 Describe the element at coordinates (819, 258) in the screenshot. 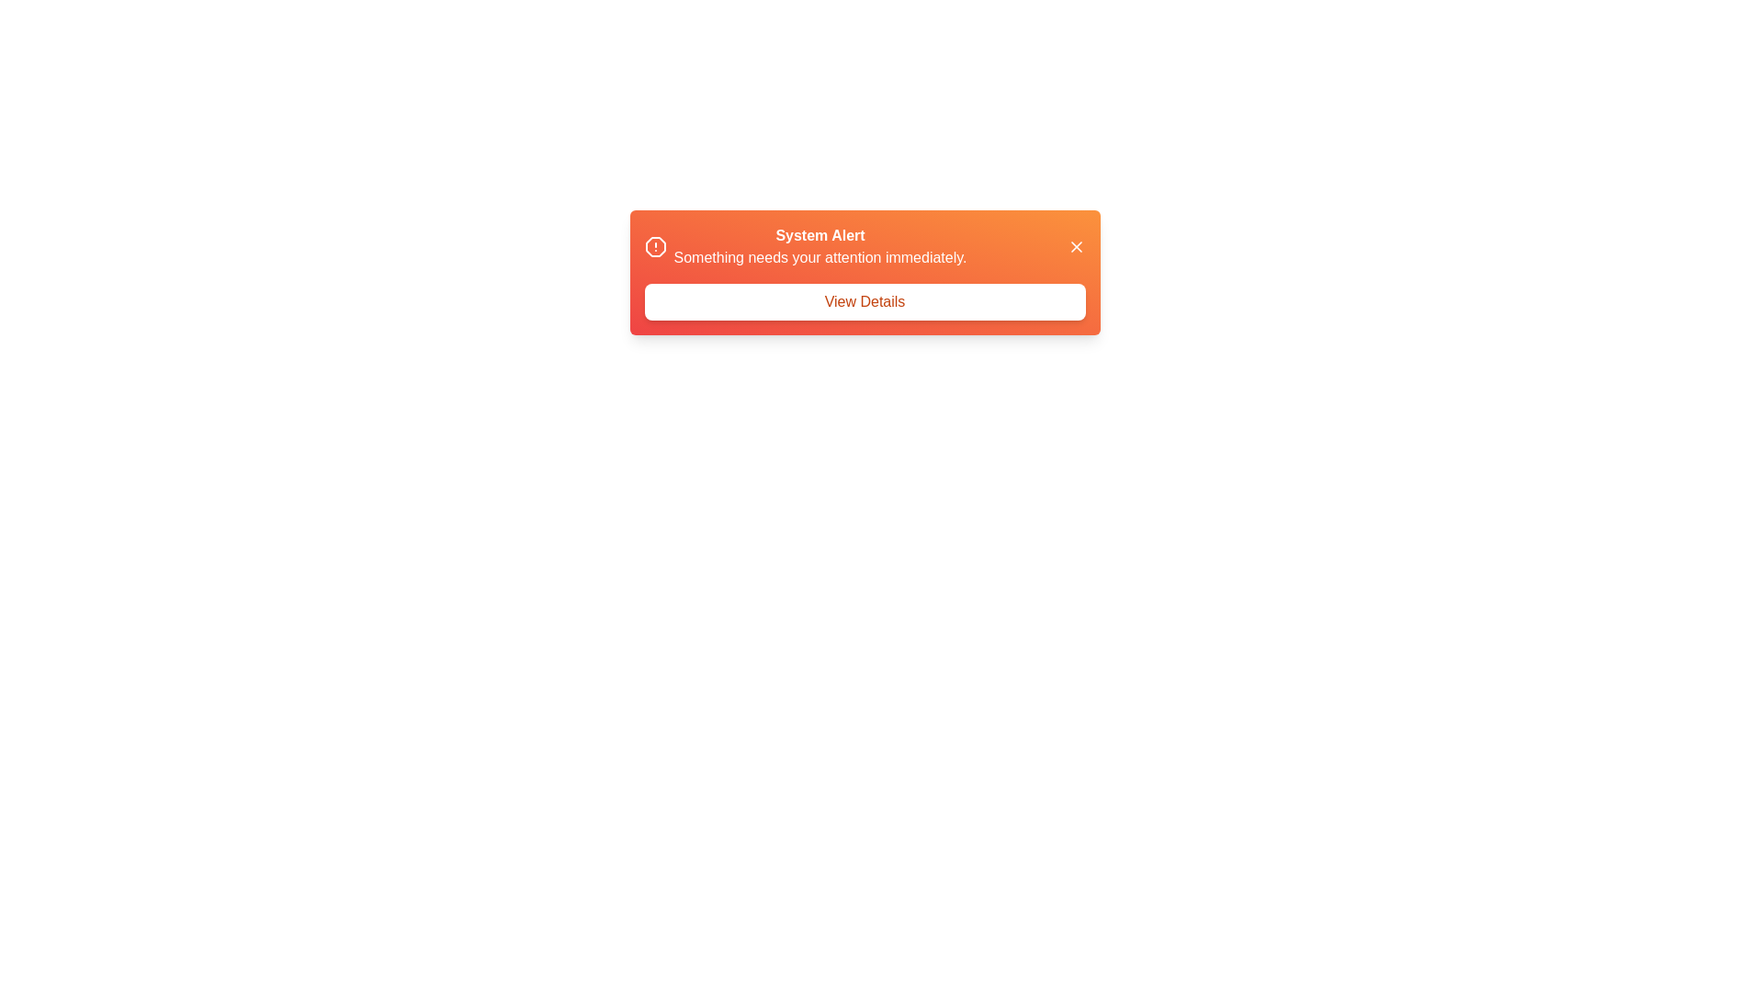

I see `message displayed in the Text Label that says 'Something needs your attention immediately.' which is styled with a bold, white font and located below the 'System Alert' heading in the notification box` at that location.